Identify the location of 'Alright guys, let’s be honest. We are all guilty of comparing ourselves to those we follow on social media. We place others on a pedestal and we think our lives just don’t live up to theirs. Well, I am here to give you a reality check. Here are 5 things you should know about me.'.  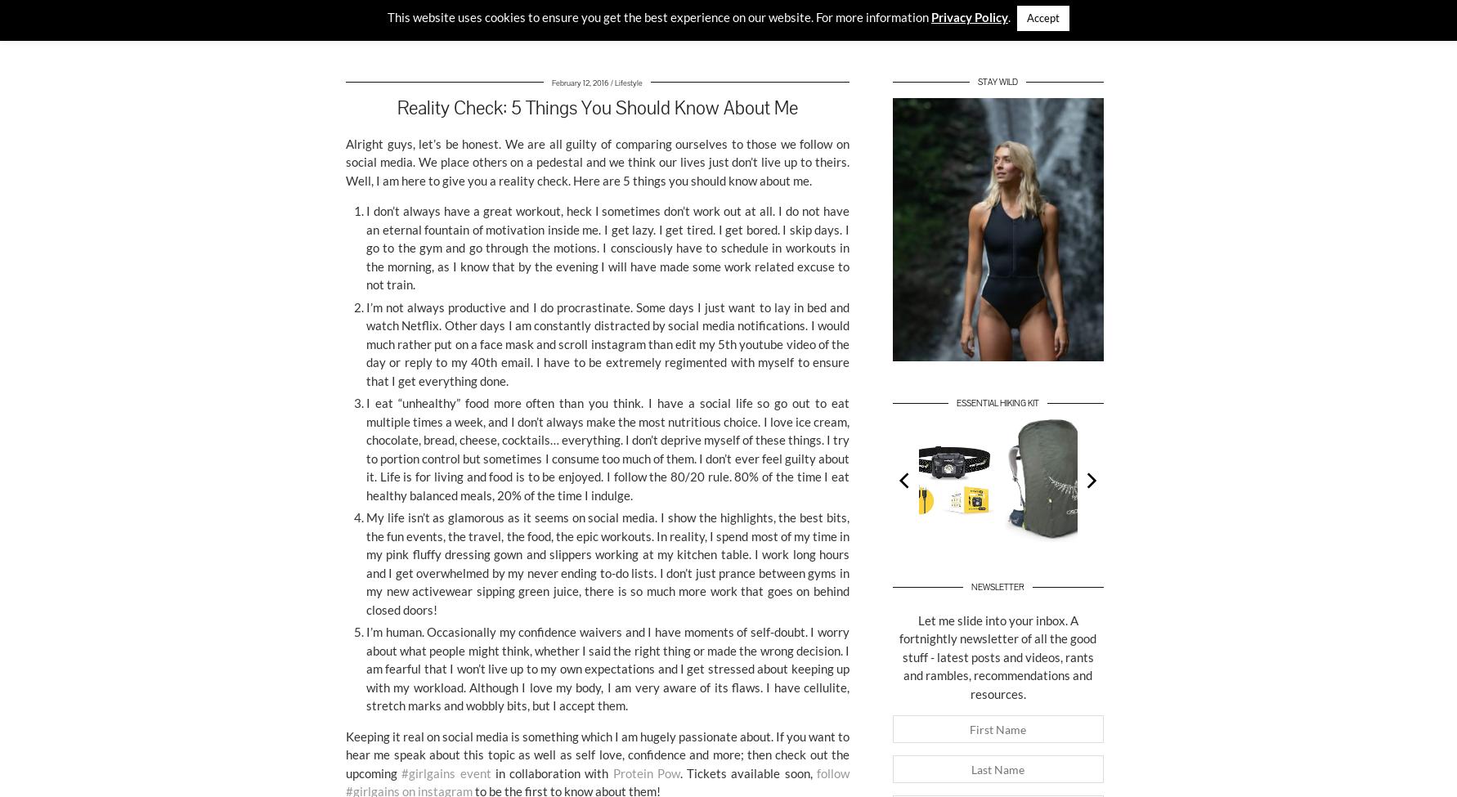
(346, 161).